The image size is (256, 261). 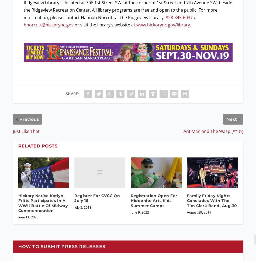 What do you see at coordinates (154, 201) in the screenshot?
I see `'Registration Open For Hiddenite Arts Kids Summer Camps'` at bounding box center [154, 201].